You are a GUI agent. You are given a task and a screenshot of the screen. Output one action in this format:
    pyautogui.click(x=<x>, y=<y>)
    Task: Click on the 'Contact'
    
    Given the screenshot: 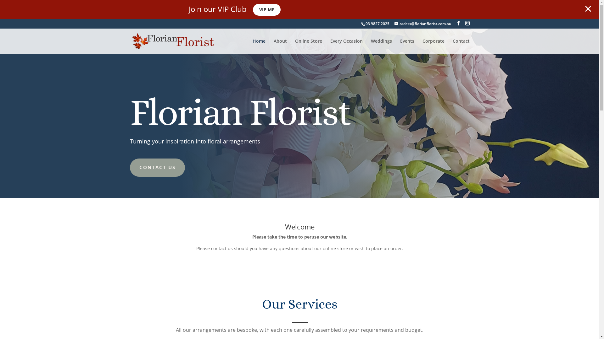 What is the action you would take?
    pyautogui.click(x=461, y=46)
    